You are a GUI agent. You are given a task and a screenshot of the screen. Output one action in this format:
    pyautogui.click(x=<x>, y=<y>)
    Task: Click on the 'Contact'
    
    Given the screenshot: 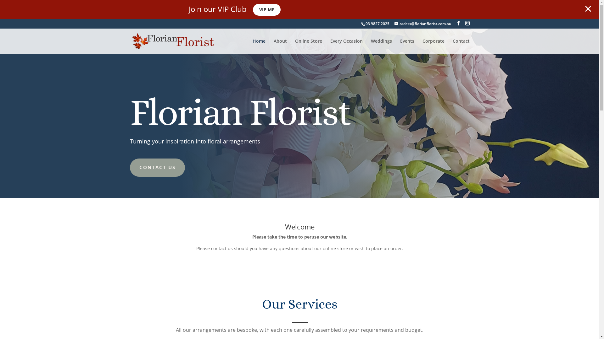 What is the action you would take?
    pyautogui.click(x=461, y=46)
    